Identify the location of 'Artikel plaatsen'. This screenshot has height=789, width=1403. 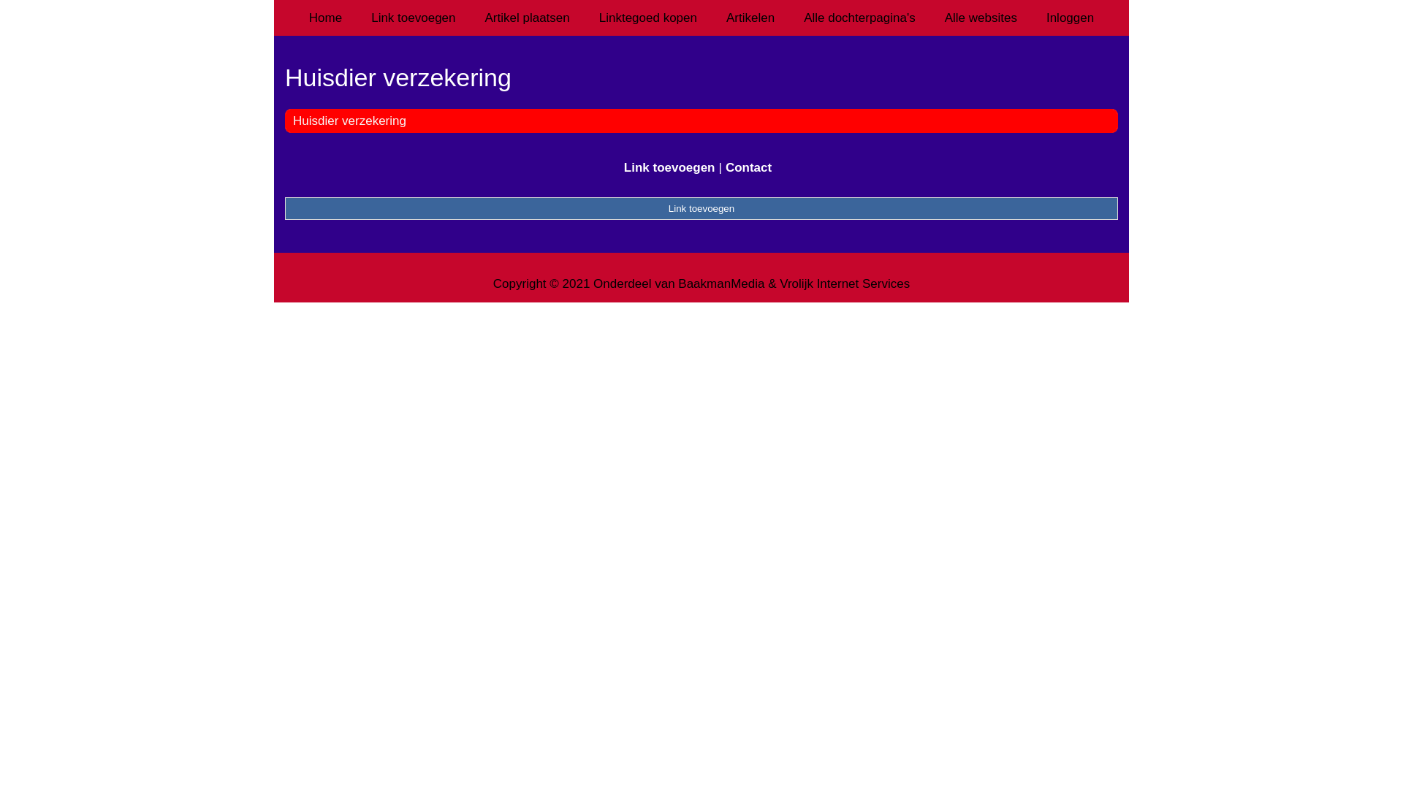
(526, 18).